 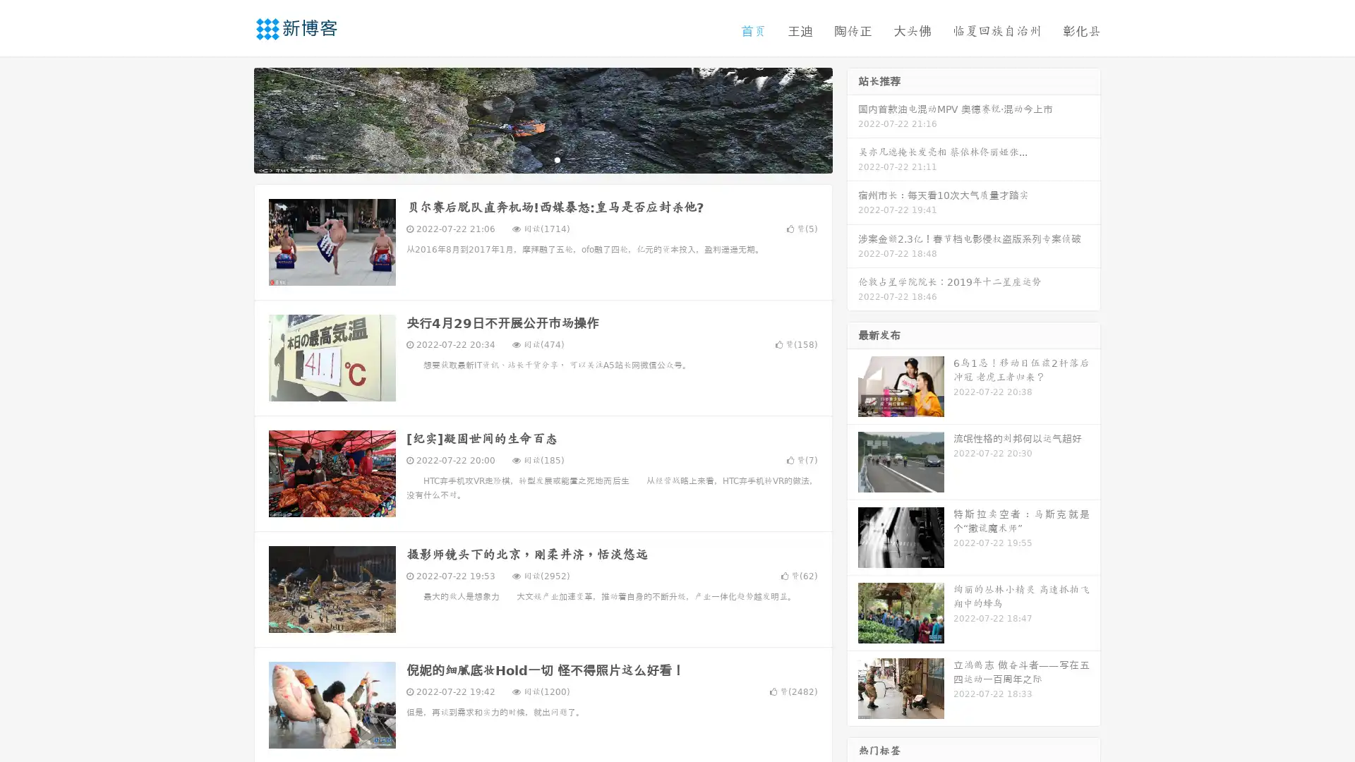 I want to click on Go to slide 3, so click(x=557, y=159).